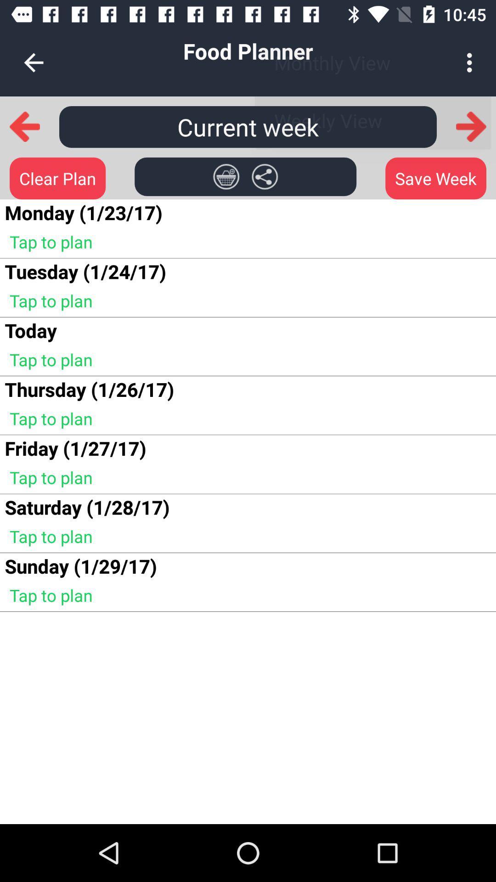 This screenshot has height=882, width=496. I want to click on item next to current week, so click(471, 126).